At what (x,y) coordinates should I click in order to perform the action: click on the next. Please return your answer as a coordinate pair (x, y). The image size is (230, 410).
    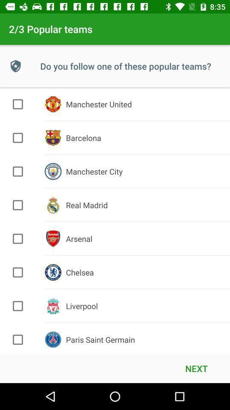
    Looking at the image, I should click on (196, 368).